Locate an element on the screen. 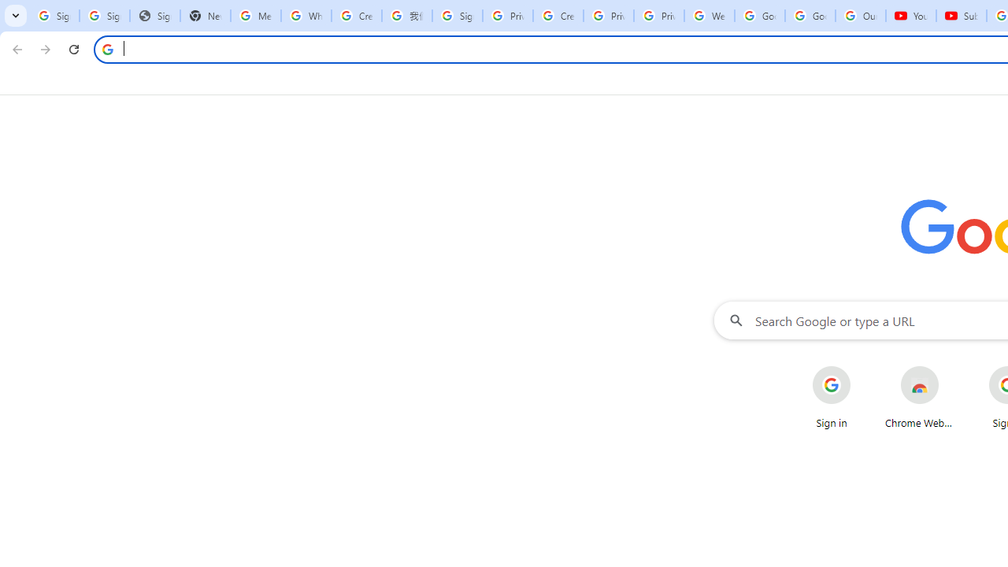  'YouTube' is located at coordinates (911, 16).